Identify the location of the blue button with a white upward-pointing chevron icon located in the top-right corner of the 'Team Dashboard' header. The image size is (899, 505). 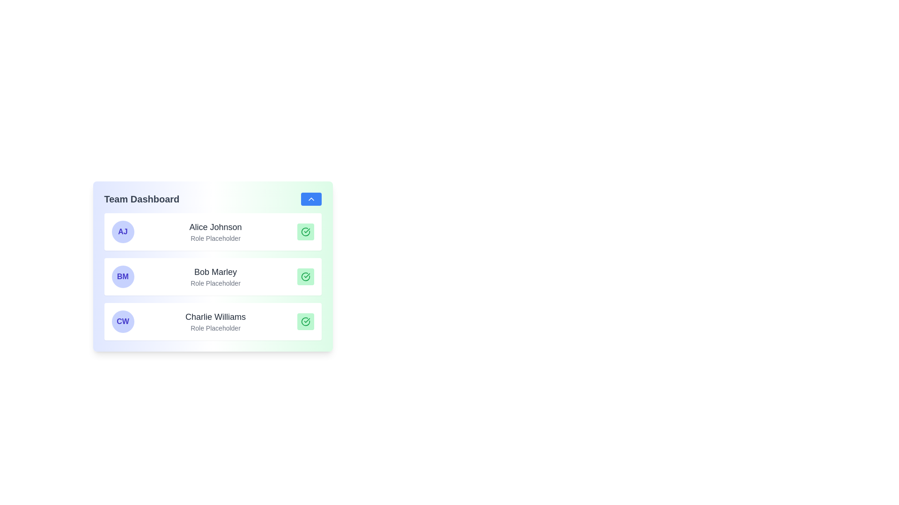
(311, 198).